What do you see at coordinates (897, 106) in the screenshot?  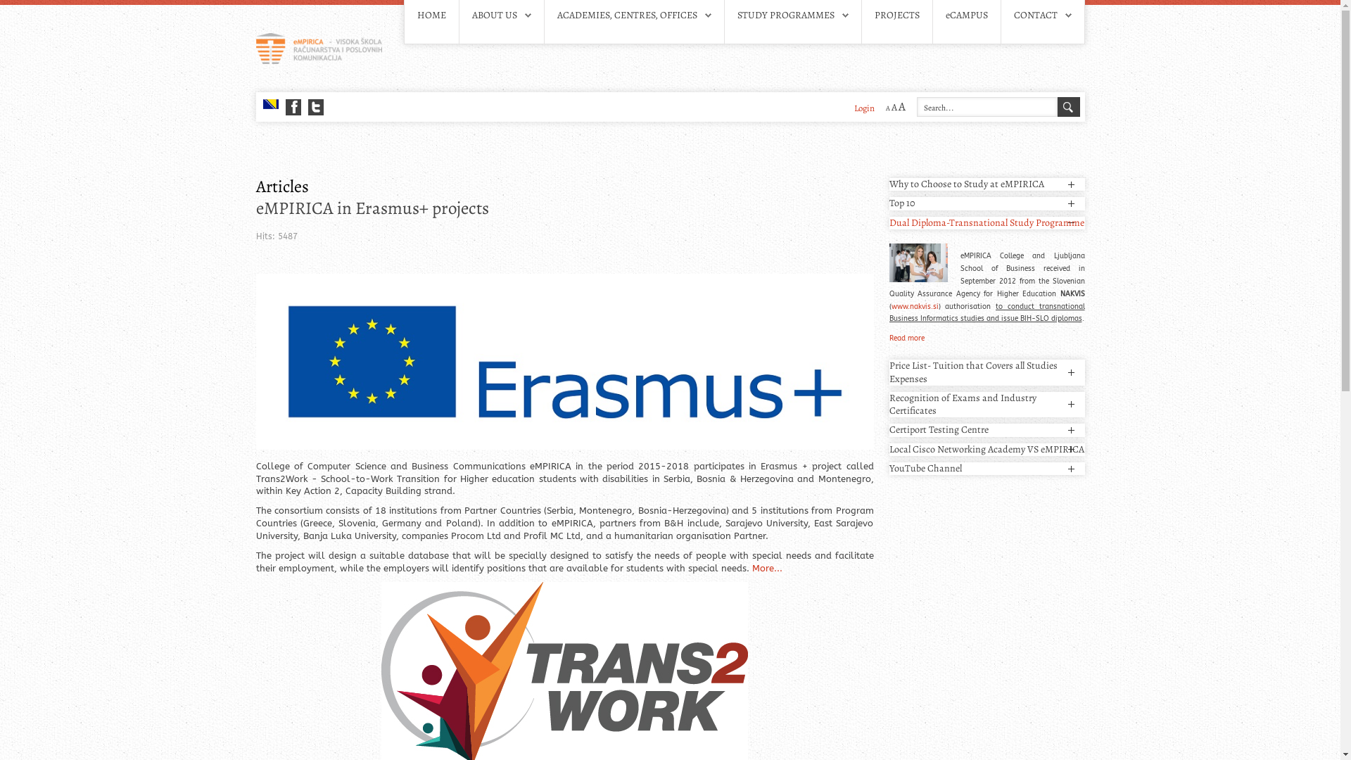 I see `'A'` at bounding box center [897, 106].